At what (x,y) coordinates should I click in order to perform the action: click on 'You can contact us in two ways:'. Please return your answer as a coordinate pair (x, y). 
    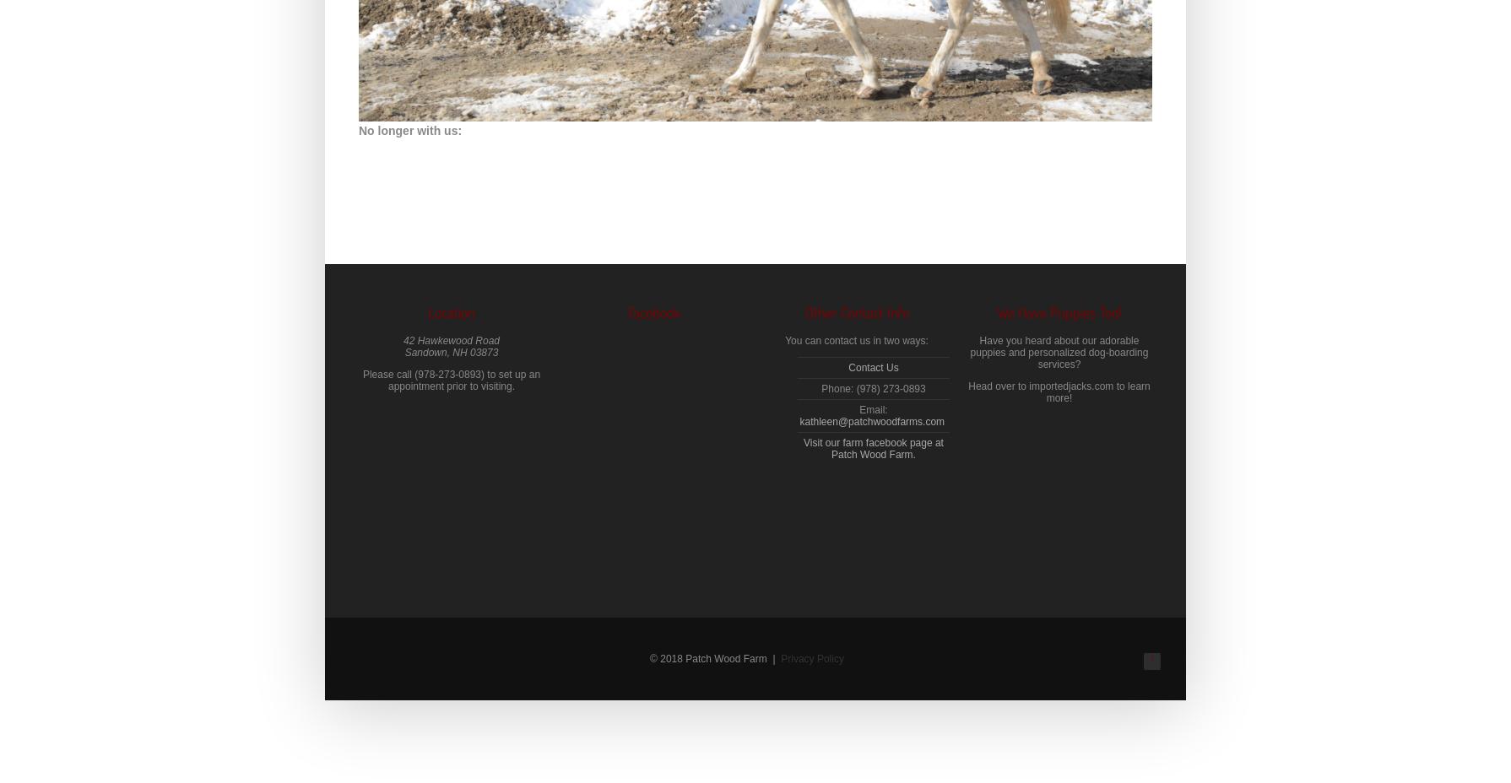
    Looking at the image, I should click on (856, 340).